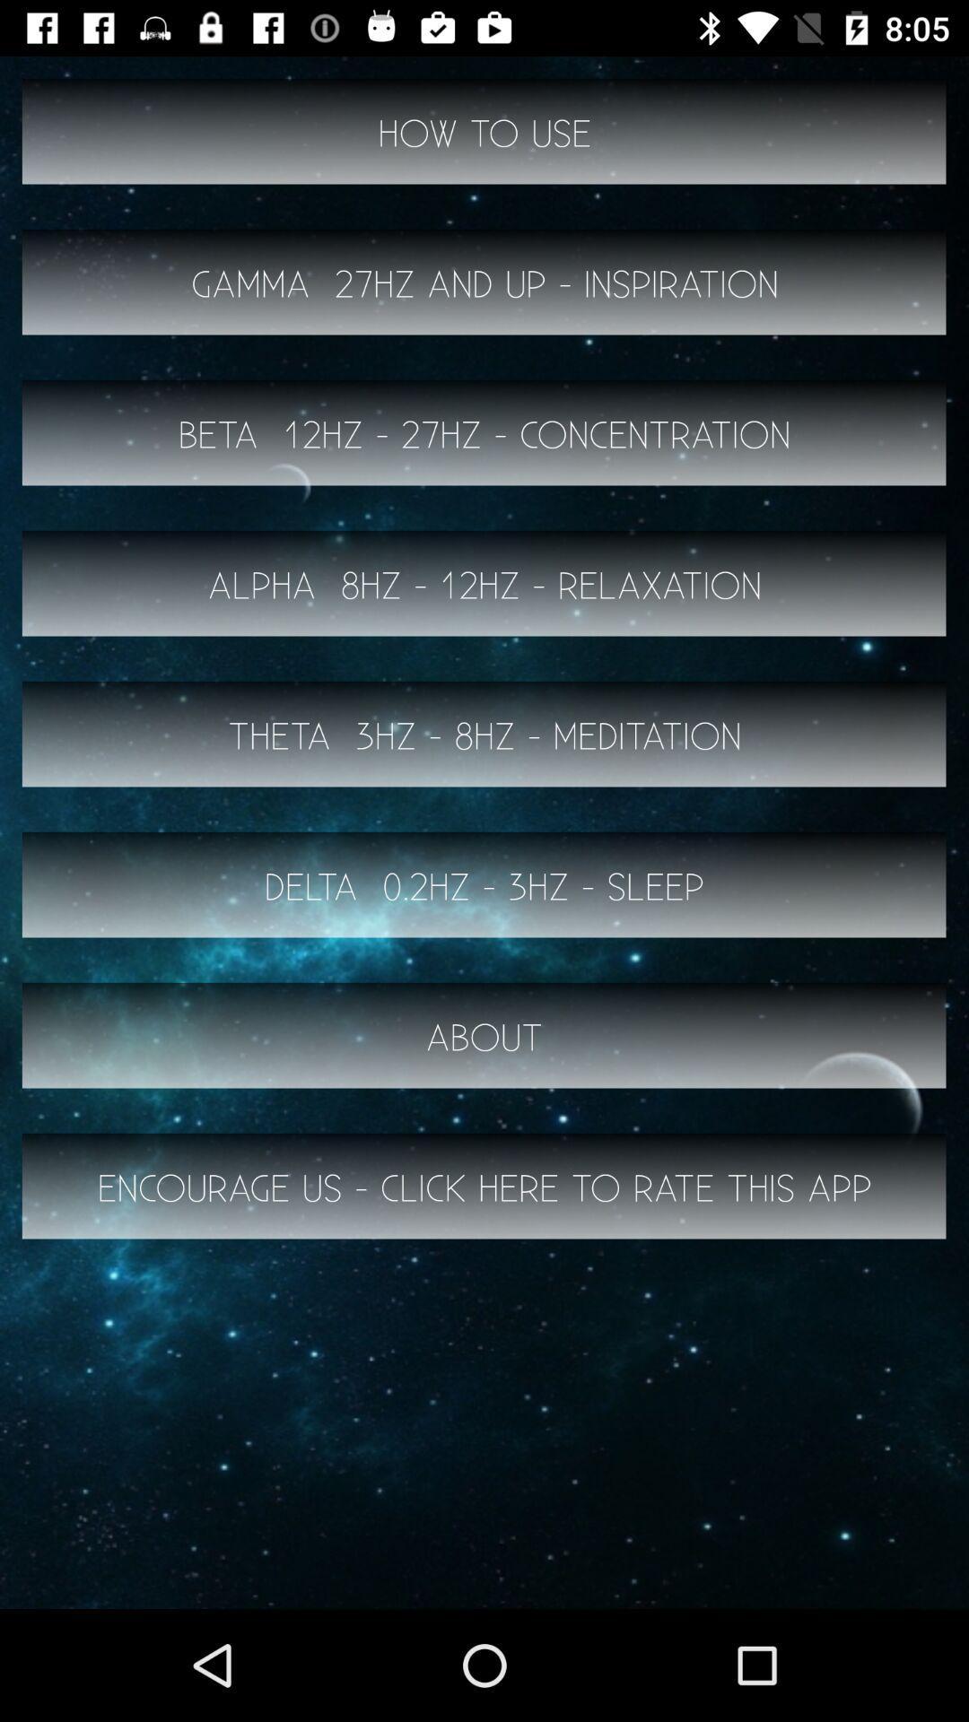  Describe the element at coordinates (484, 131) in the screenshot. I see `item above gamma 27hz and button` at that location.